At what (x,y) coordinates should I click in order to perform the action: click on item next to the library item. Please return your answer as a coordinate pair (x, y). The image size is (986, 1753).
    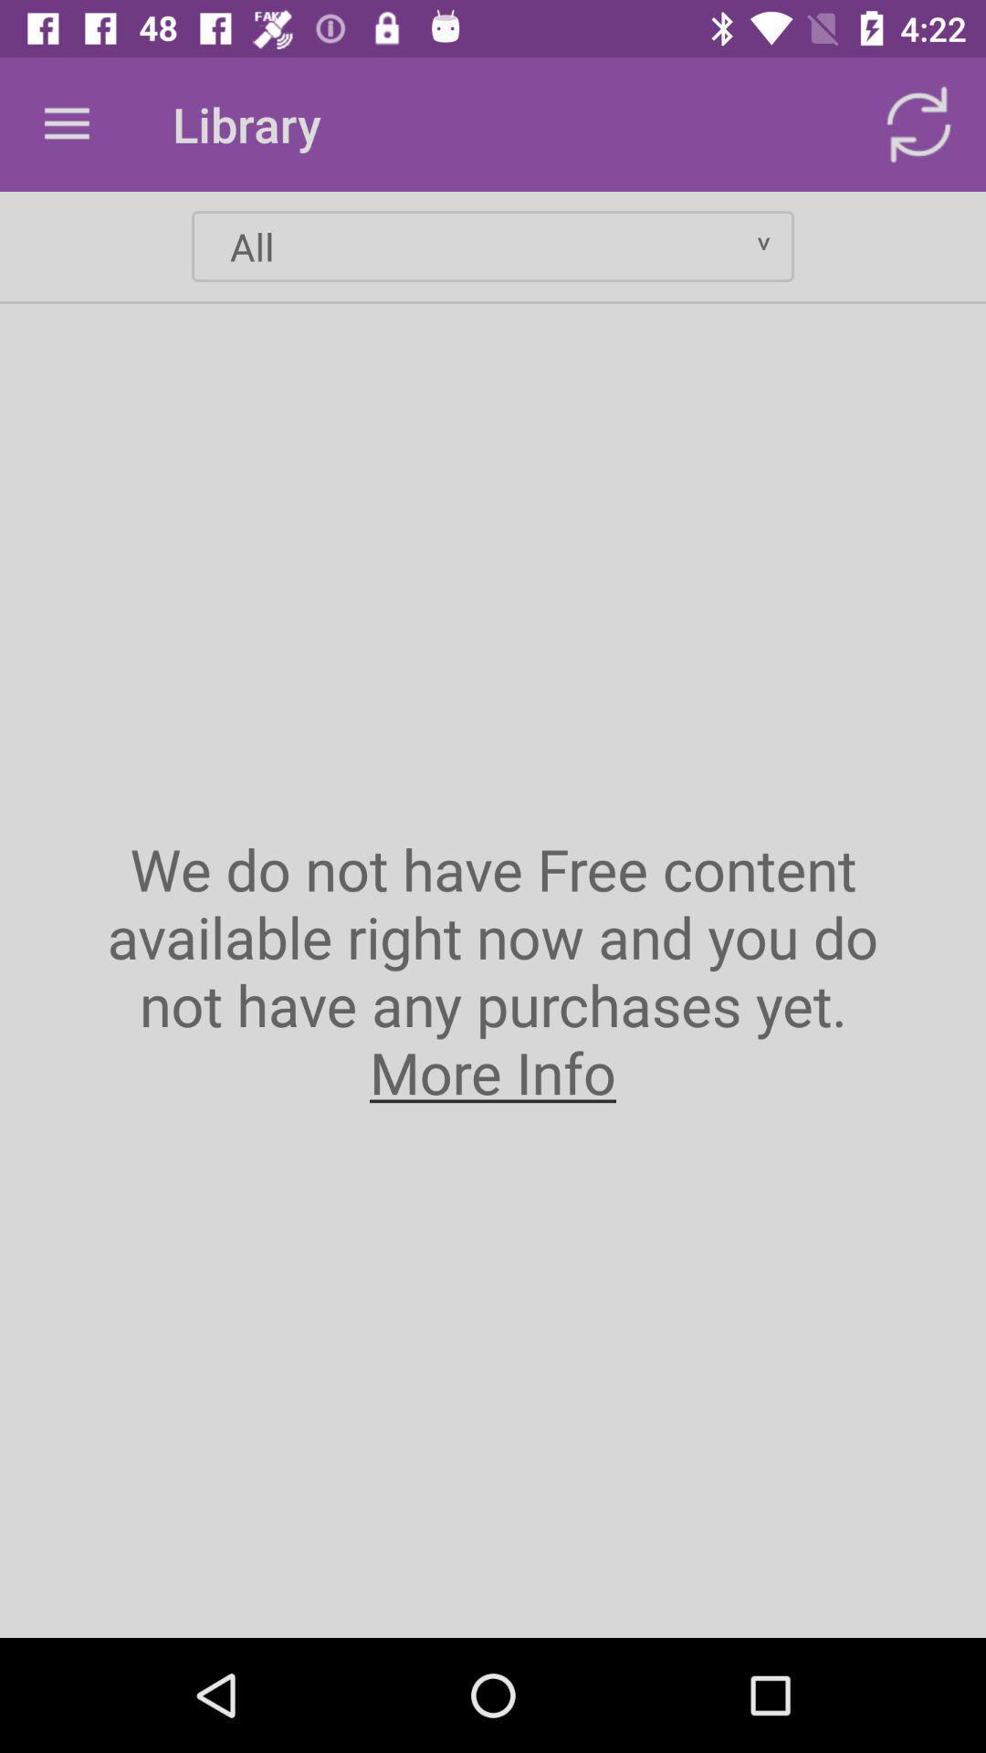
    Looking at the image, I should click on (918, 123).